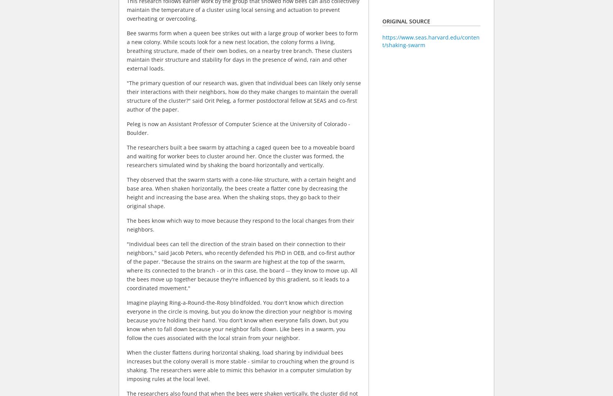 This screenshot has height=396, width=613. What do you see at coordinates (238, 128) in the screenshot?
I see `'Peleg is now an Assistant Professor of Computer Science at the University of Colorado - Boulder.'` at bounding box center [238, 128].